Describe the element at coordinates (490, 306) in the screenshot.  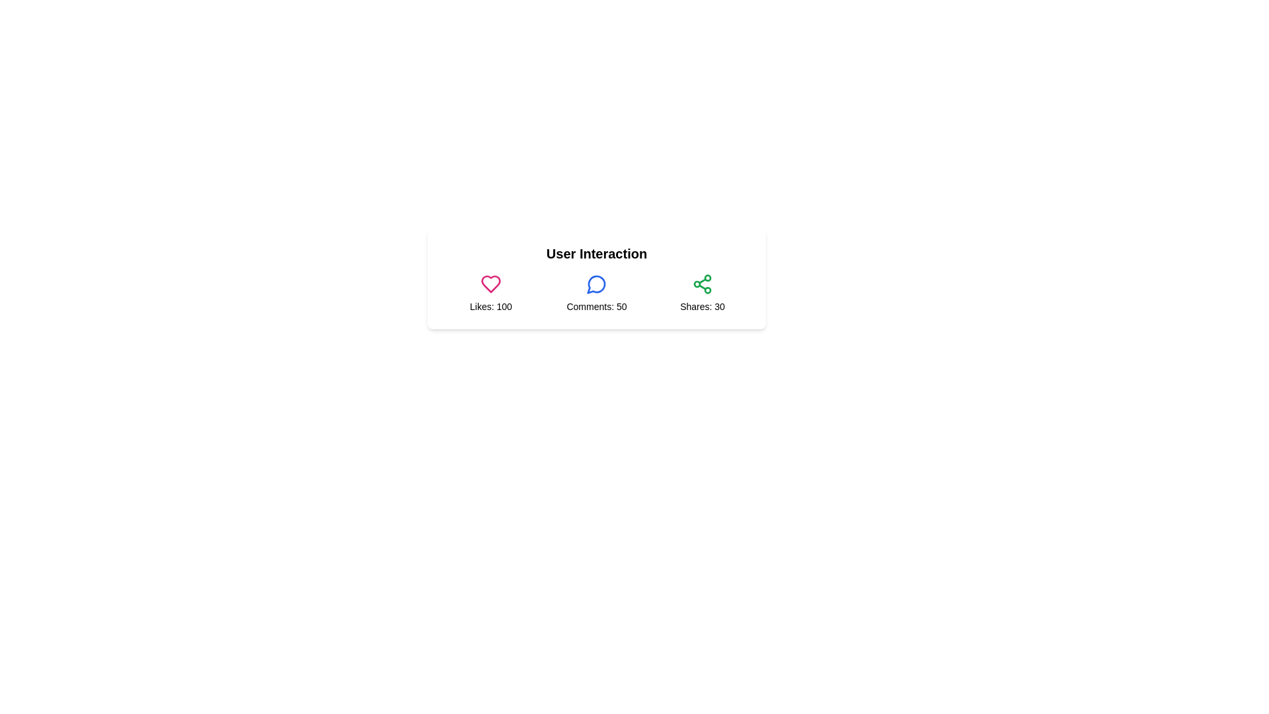
I see `the text label reading 'Likes: 100', which is positioned below the heart-shaped icon in the 'User Interaction' statistics` at that location.